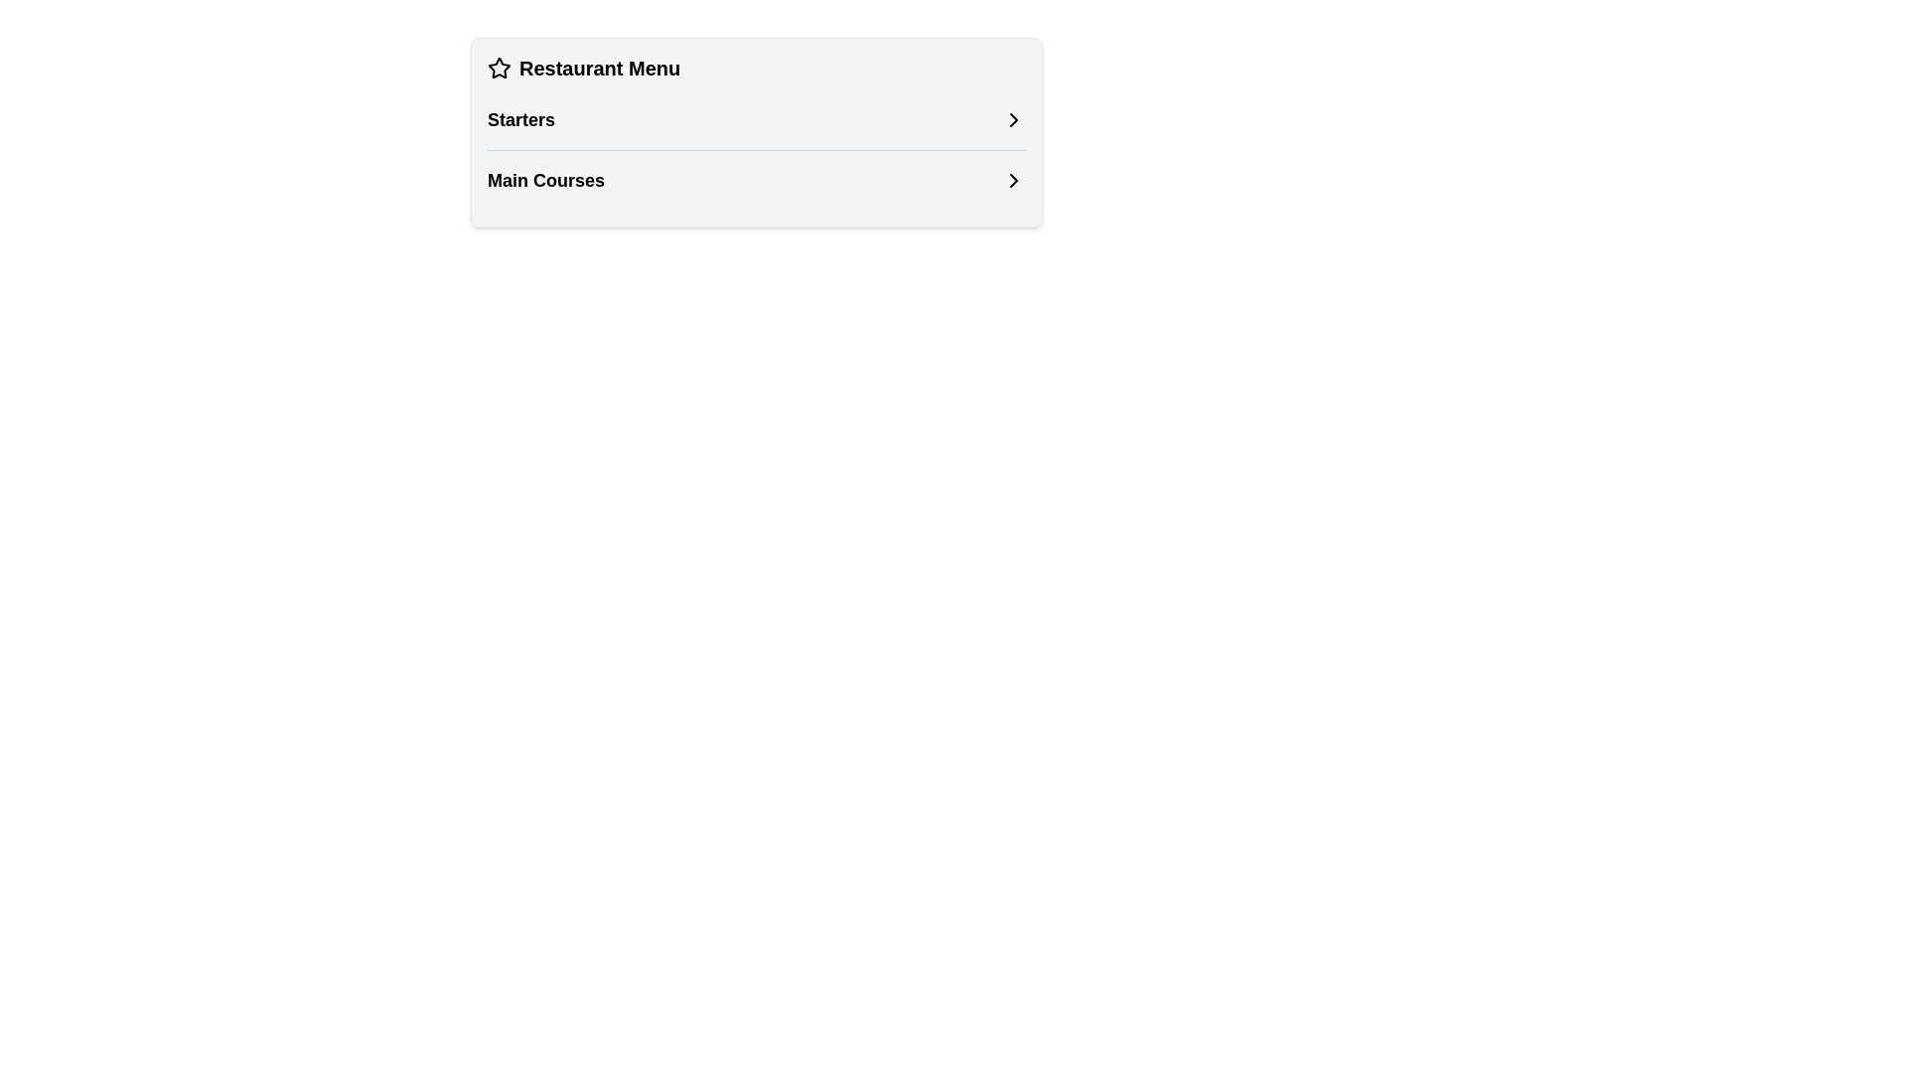 Image resolution: width=1907 pixels, height=1073 pixels. I want to click on the star-shaped icon with a minimalist black outline, which is positioned to the left of the bold text 'Restaurant Menu', so click(500, 68).